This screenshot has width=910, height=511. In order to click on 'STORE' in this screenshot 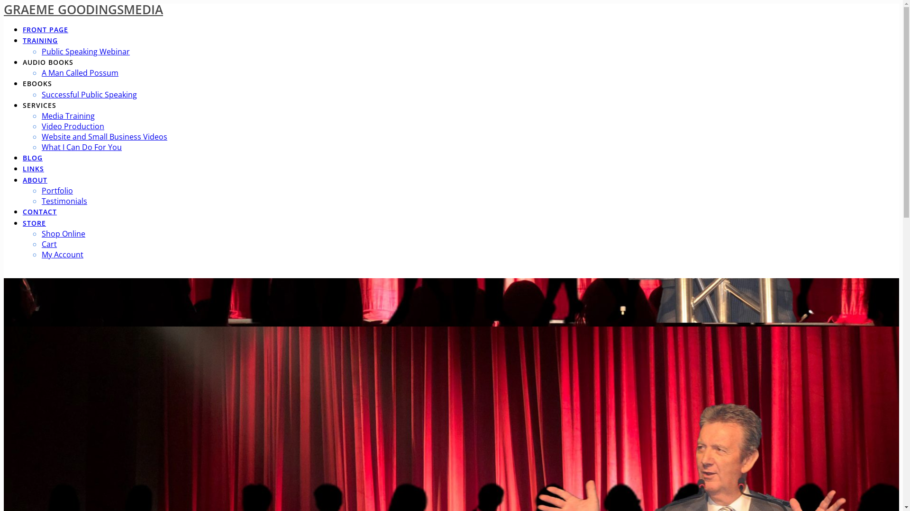, I will do `click(34, 224)`.